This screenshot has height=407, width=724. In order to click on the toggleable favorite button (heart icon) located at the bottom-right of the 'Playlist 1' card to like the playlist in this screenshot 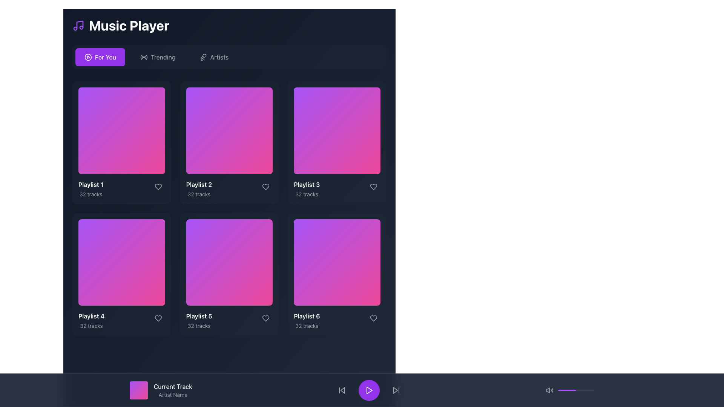, I will do `click(158, 187)`.